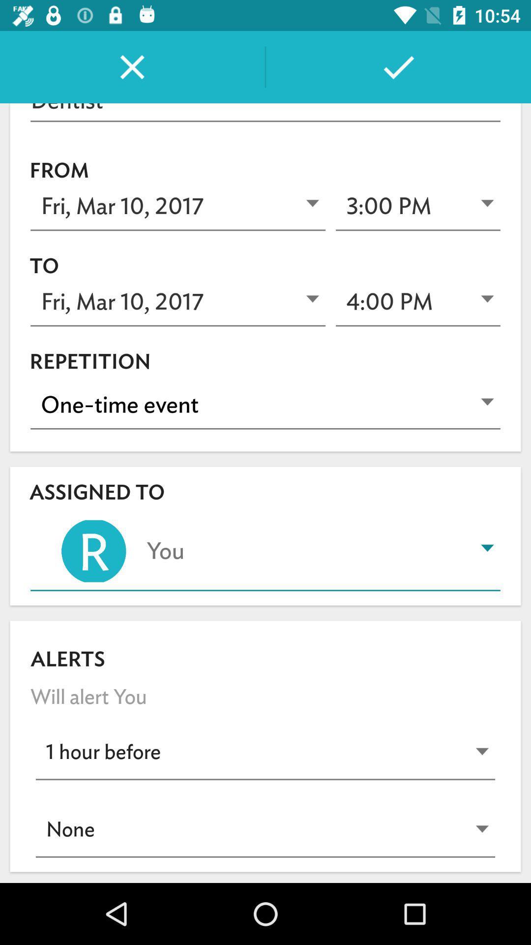 The height and width of the screenshot is (945, 531). I want to click on the last dropdown, so click(265, 831).